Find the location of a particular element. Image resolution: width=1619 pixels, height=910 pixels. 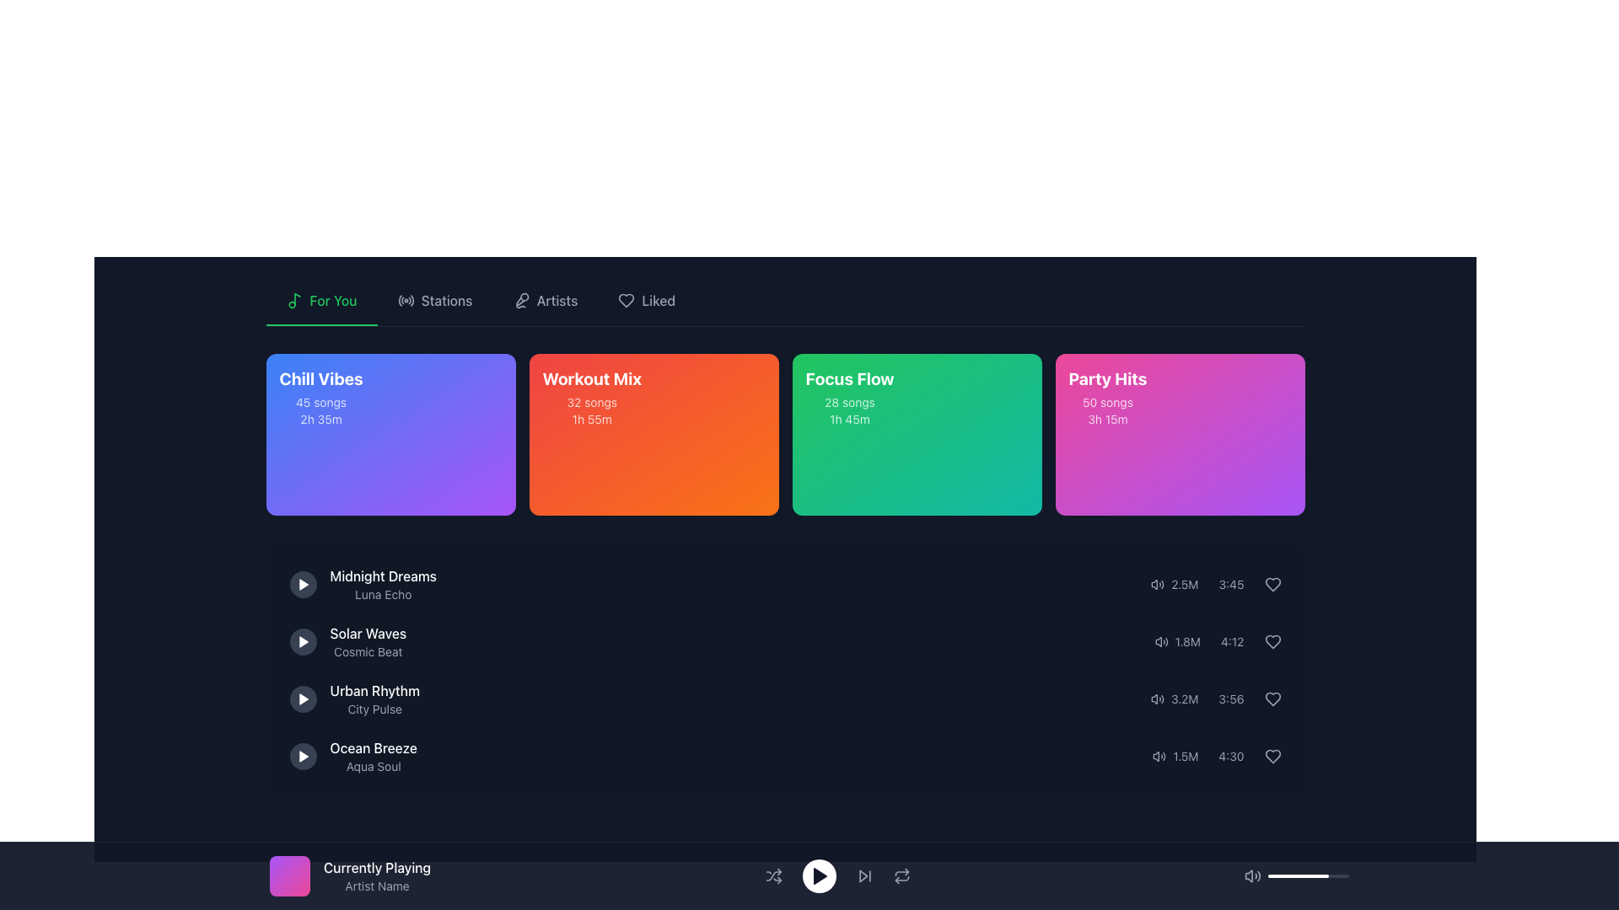

the button located at the top-right area of the 'Focus Flow' card is located at coordinates (1011, 390).